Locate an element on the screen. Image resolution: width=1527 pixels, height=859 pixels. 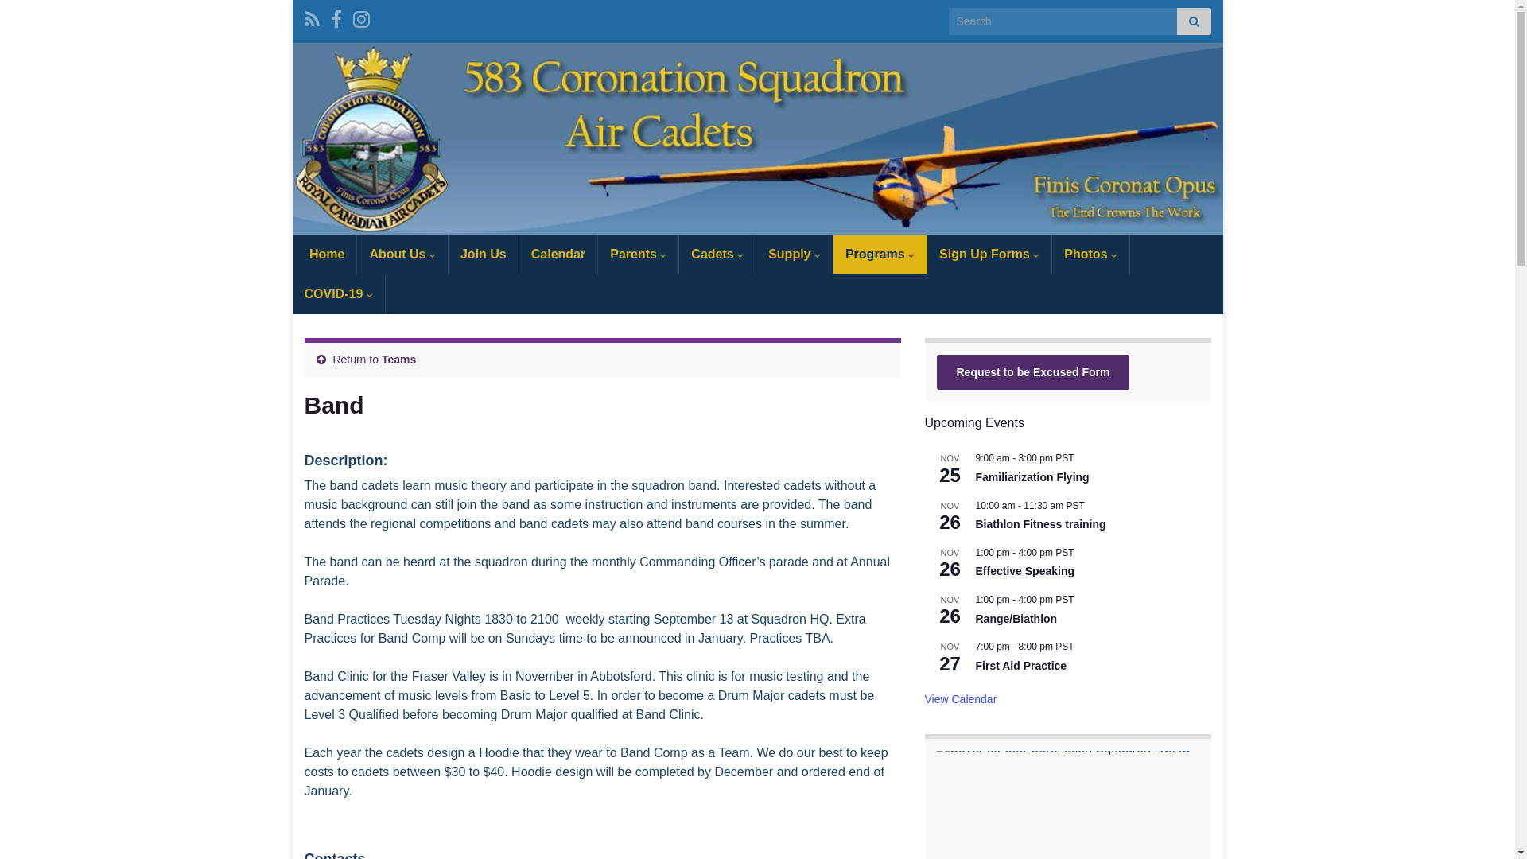
'Request to be Excused Form' is located at coordinates (1033, 371).